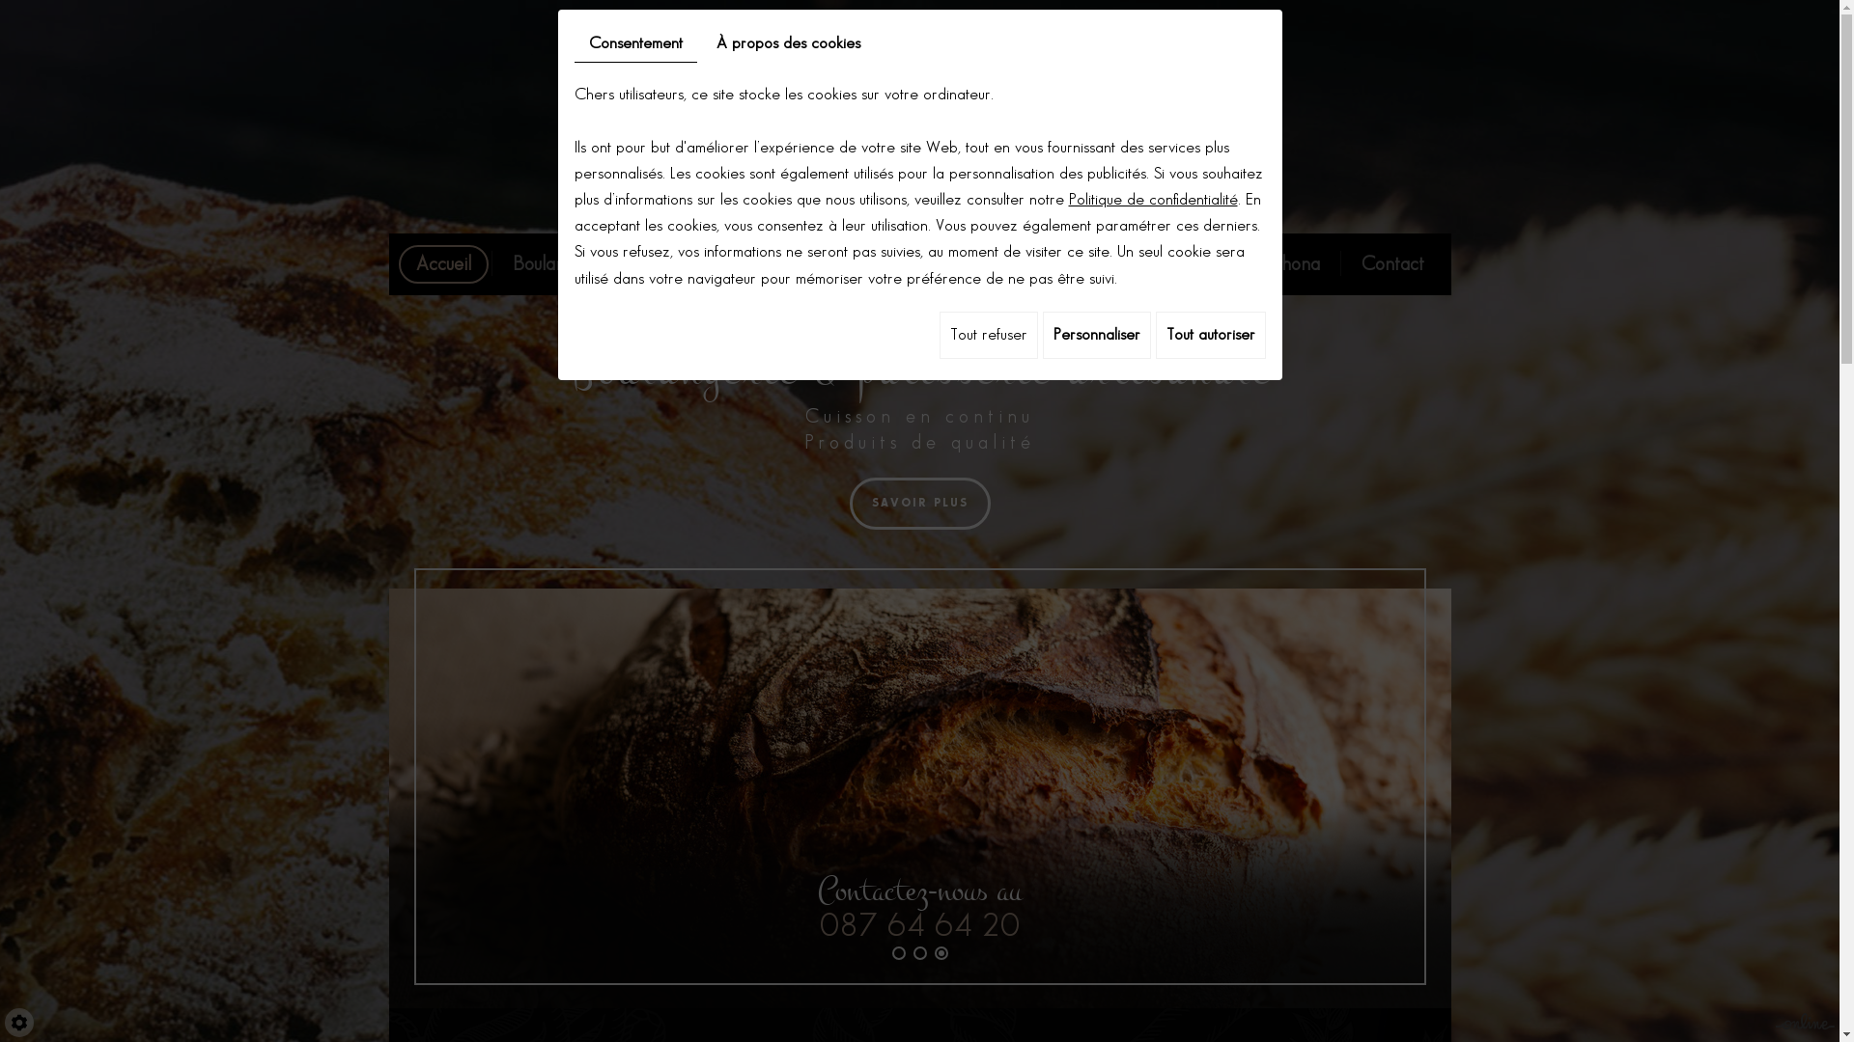 Image resolution: width=1854 pixels, height=1042 pixels. Describe the element at coordinates (634, 43) in the screenshot. I see `'Consentement'` at that location.